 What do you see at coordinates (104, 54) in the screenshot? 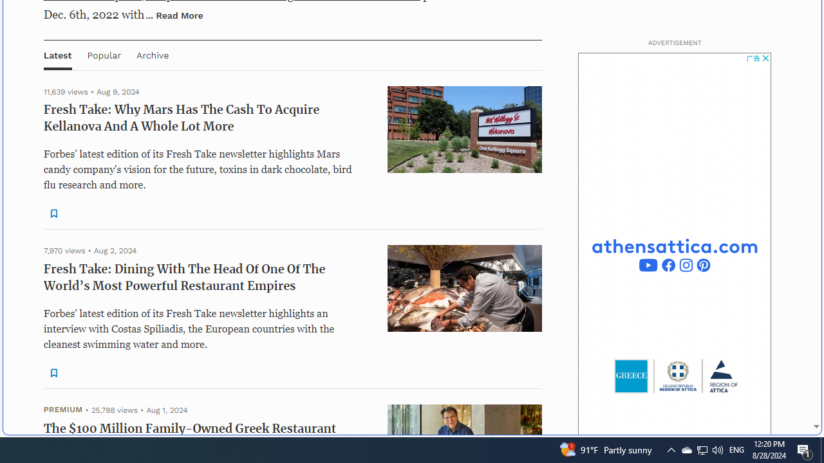
I see `'Popular'` at bounding box center [104, 54].